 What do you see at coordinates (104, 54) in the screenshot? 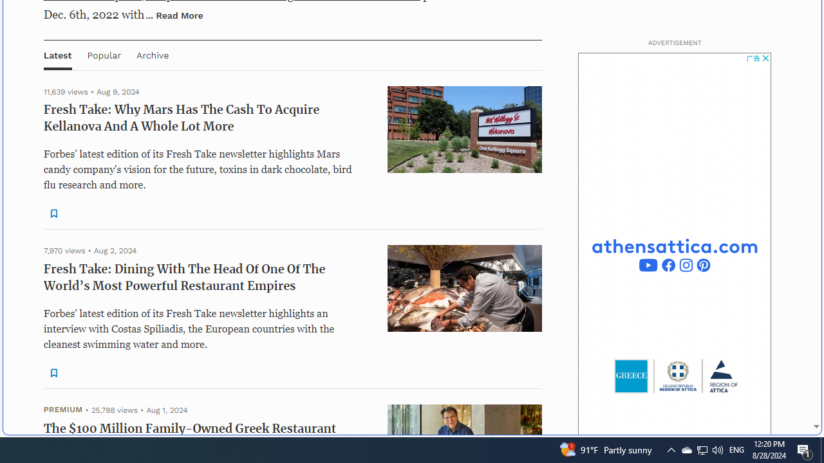
I see `'Popular'` at bounding box center [104, 54].